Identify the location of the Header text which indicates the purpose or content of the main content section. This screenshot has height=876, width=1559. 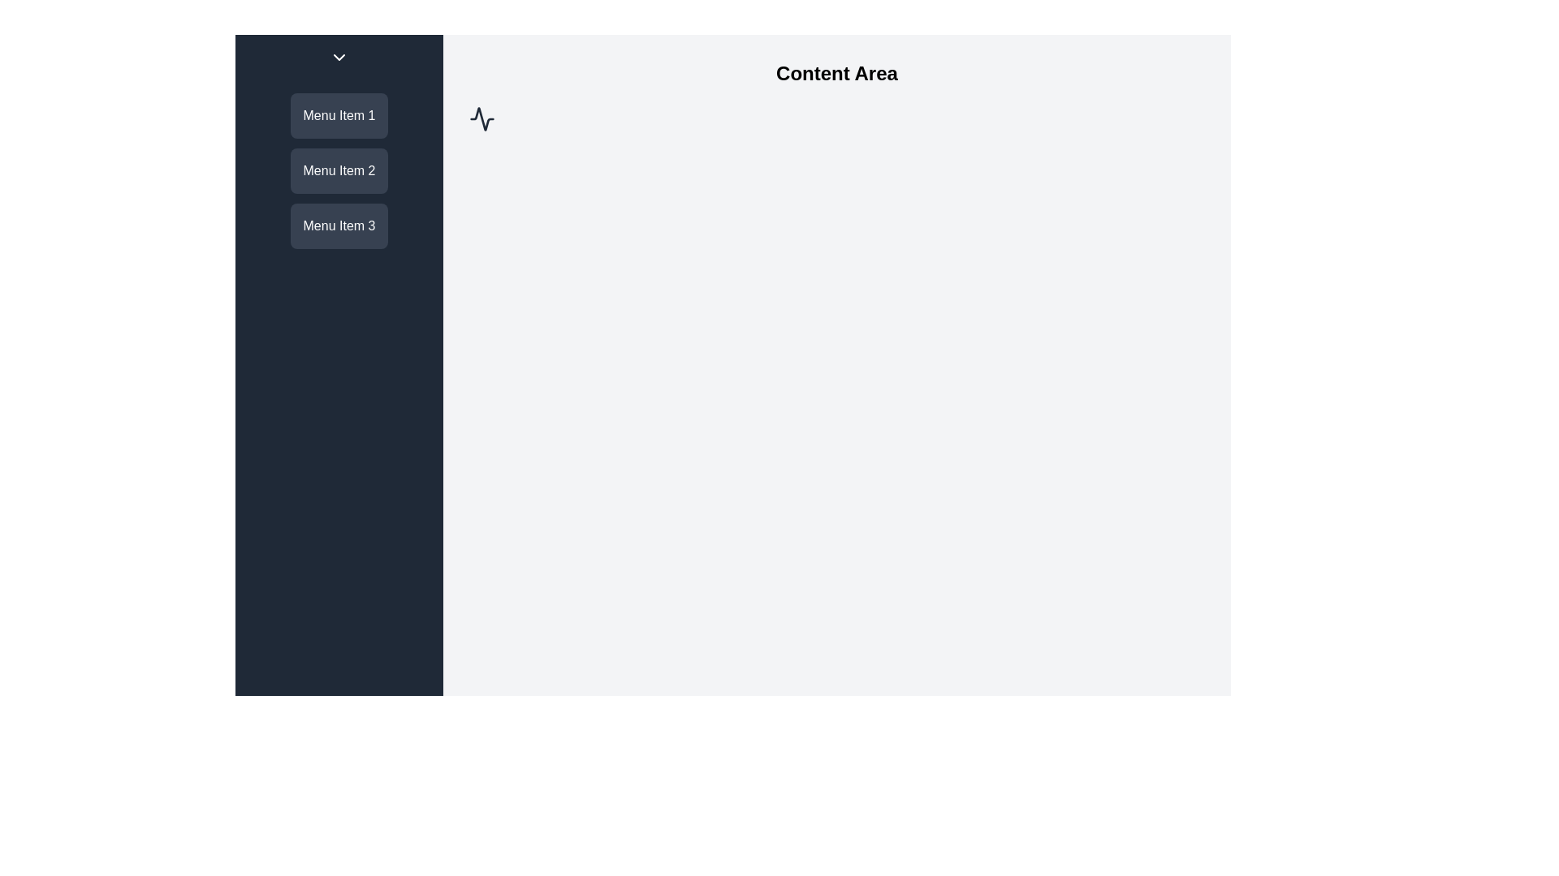
(837, 74).